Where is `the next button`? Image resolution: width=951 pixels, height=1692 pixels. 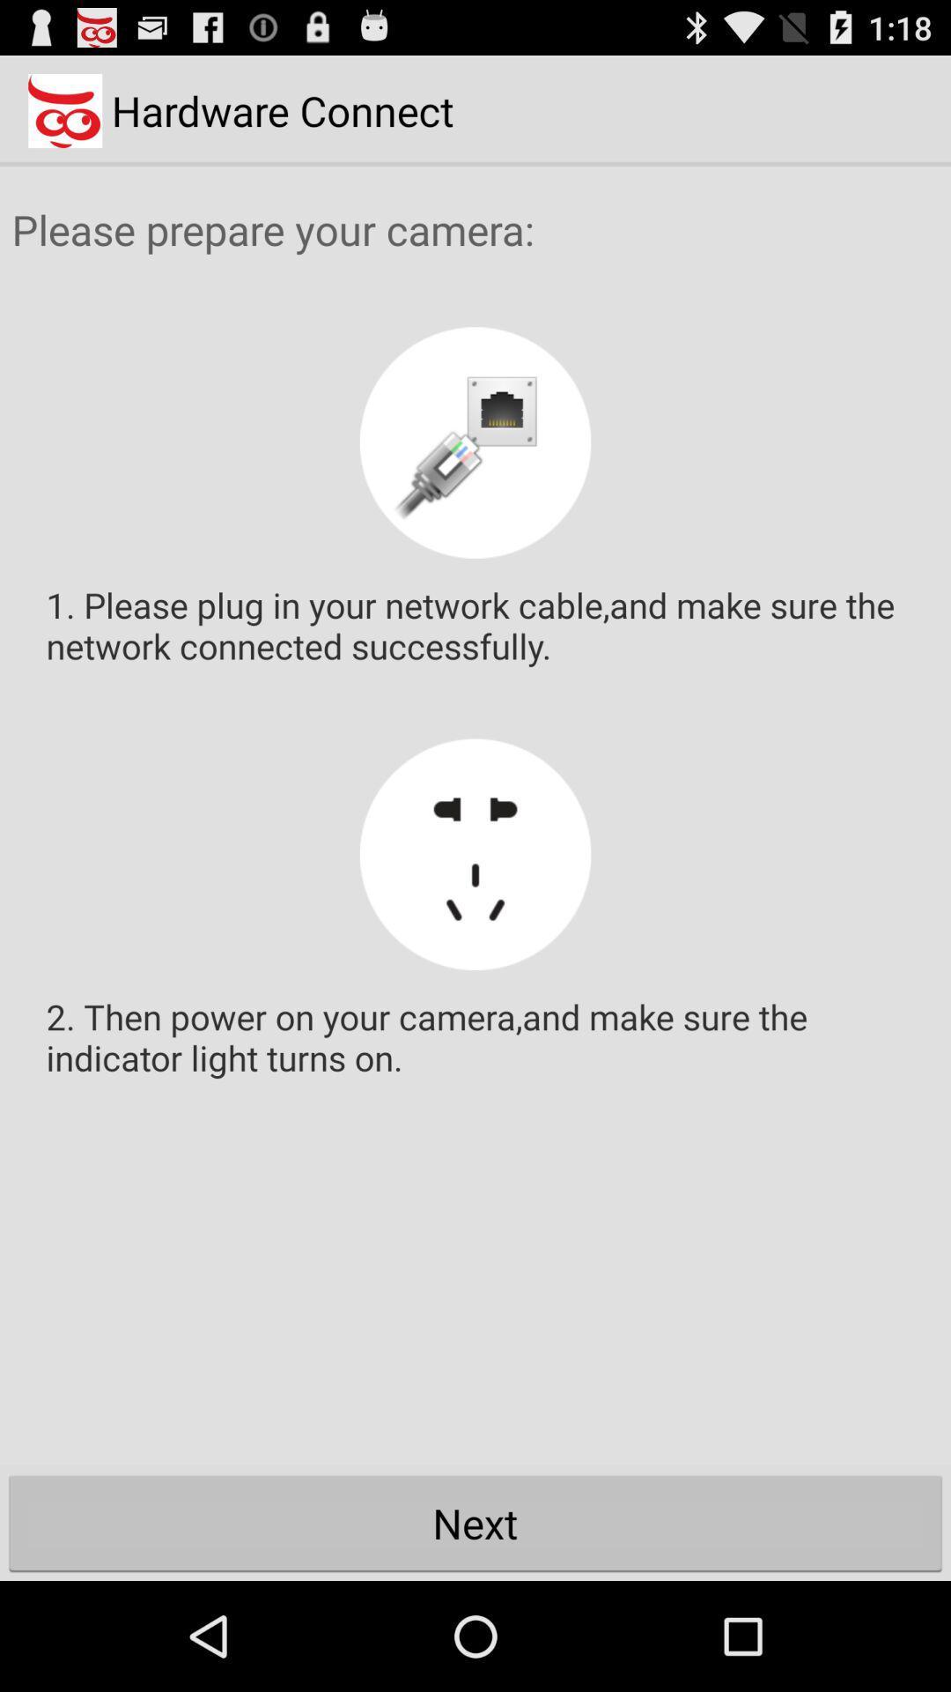 the next button is located at coordinates (475, 1522).